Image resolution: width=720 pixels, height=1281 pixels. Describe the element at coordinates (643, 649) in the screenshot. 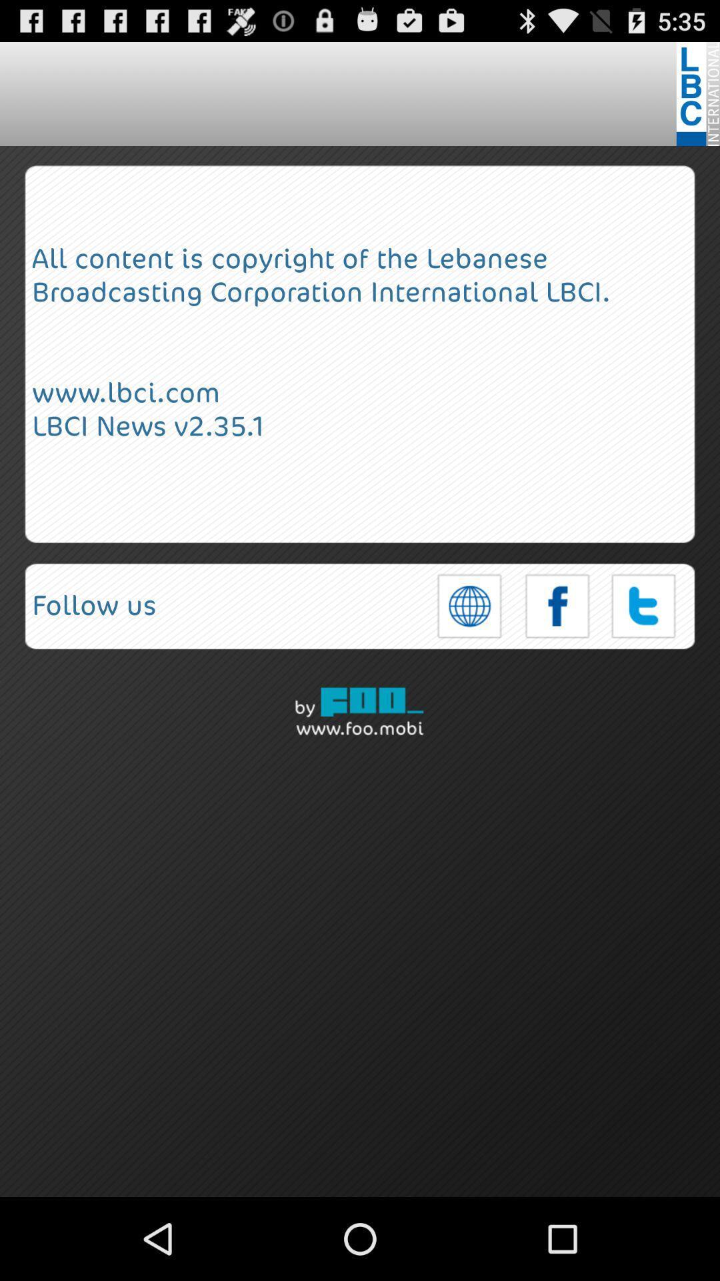

I see `the twitter icon` at that location.